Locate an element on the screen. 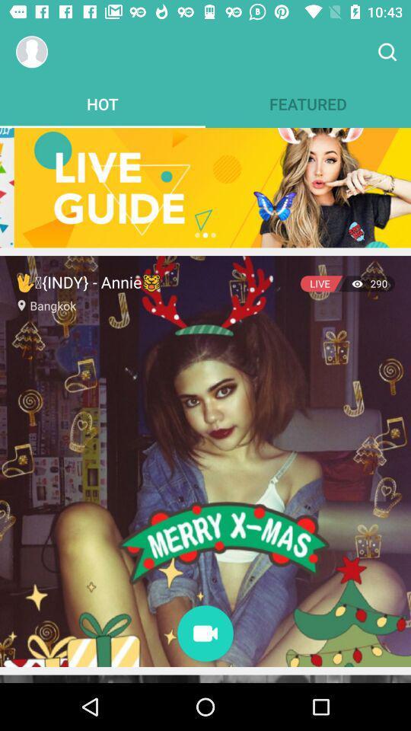  the videocam icon is located at coordinates (205, 634).